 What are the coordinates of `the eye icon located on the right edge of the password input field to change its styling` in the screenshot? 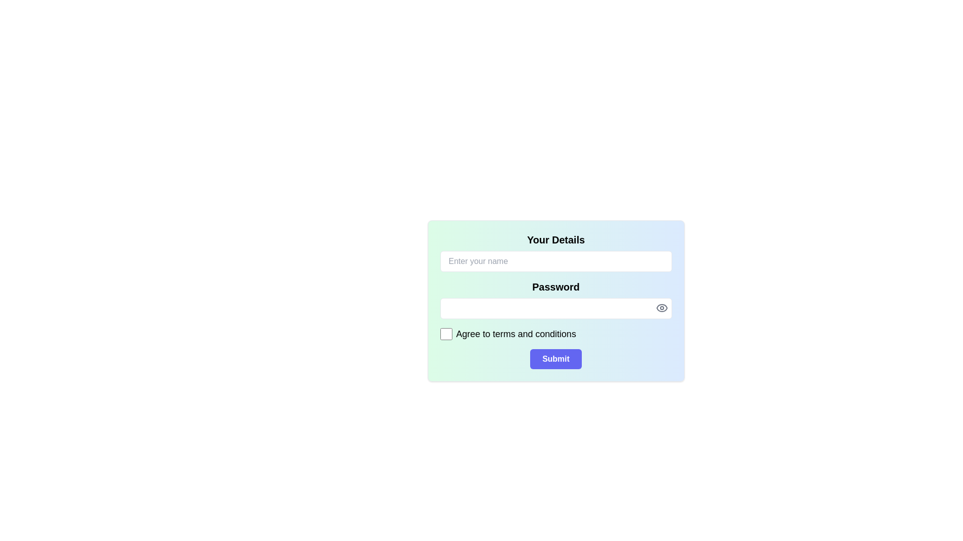 It's located at (662, 307).